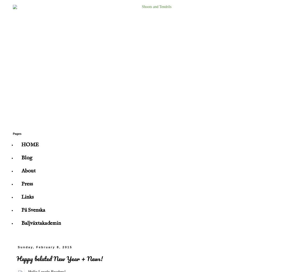  What do you see at coordinates (33, 210) in the screenshot?
I see `'På Svenska'` at bounding box center [33, 210].